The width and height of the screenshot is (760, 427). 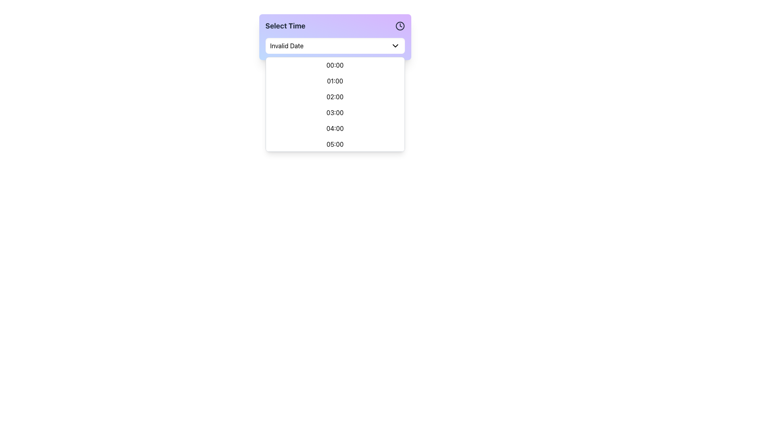 I want to click on the dropdown item displaying '01:00', so click(x=335, y=81).